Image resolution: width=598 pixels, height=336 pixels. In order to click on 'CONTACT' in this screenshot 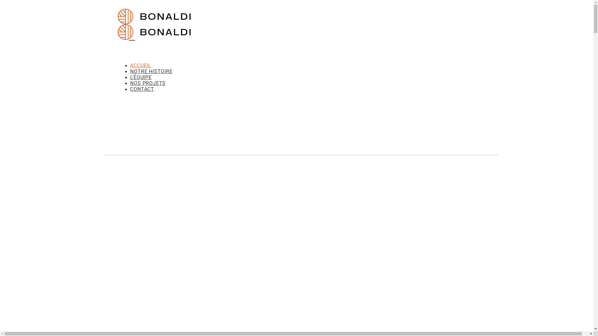, I will do `click(142, 89)`.